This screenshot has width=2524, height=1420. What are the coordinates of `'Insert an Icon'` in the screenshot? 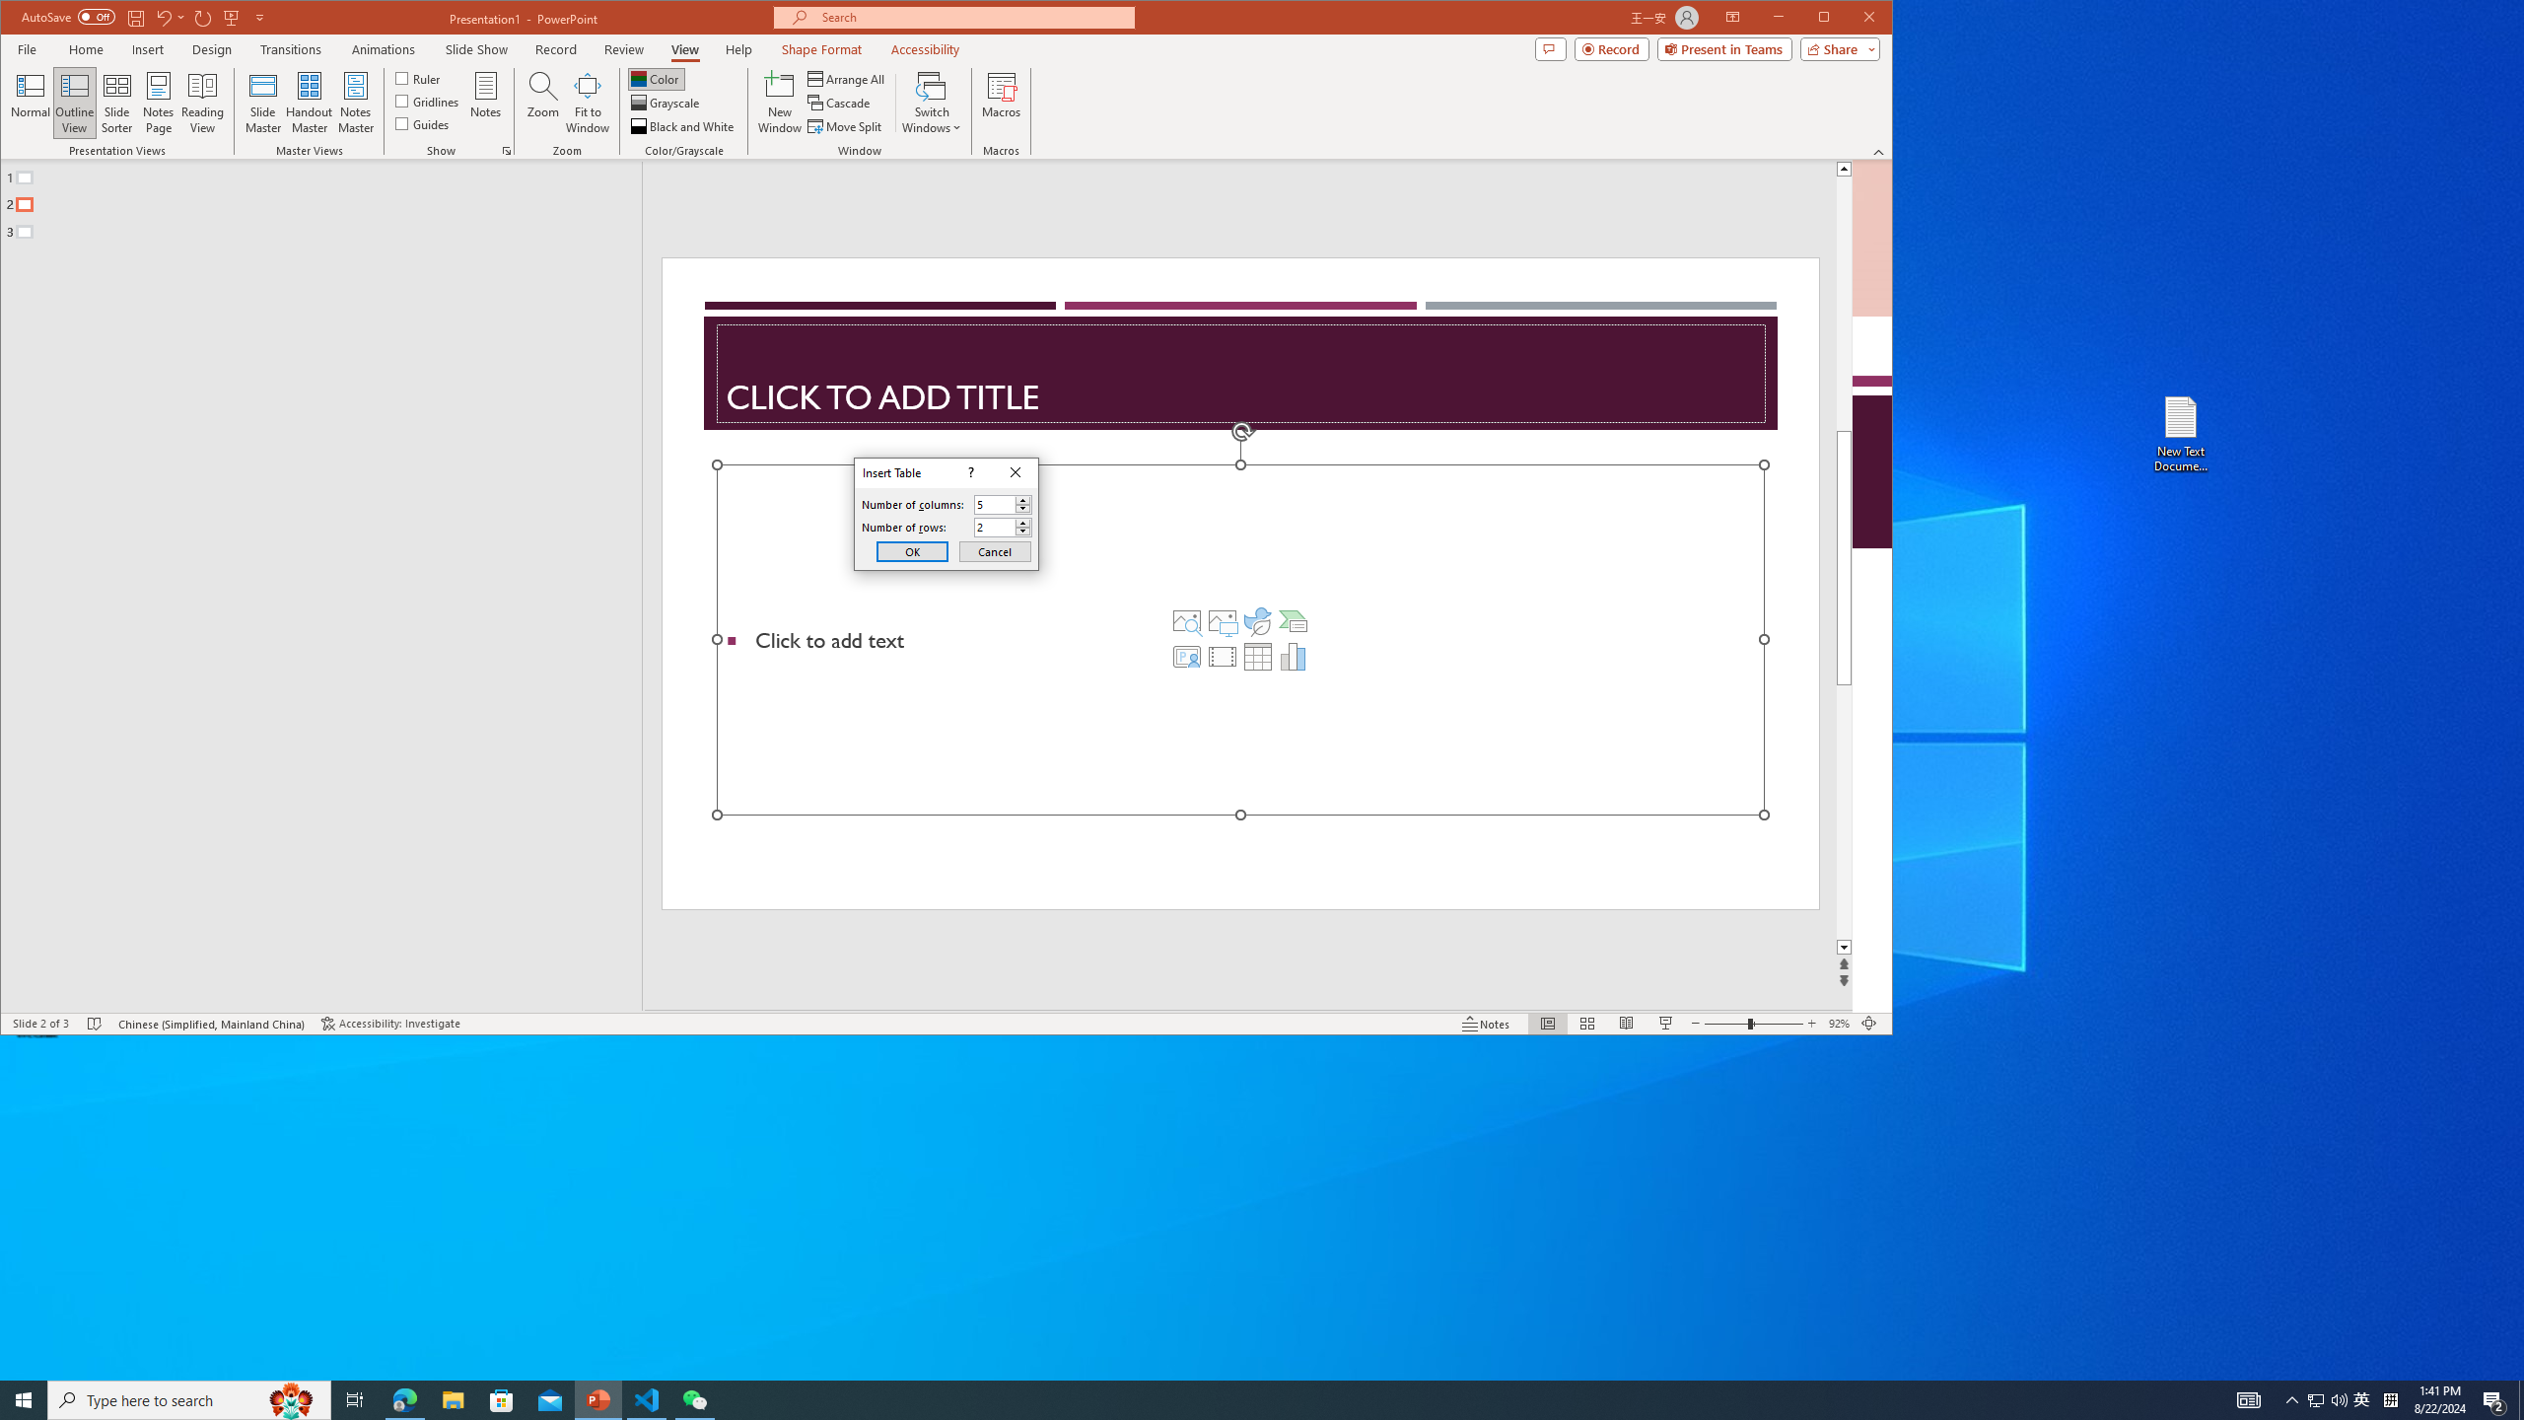 It's located at (1257, 620).